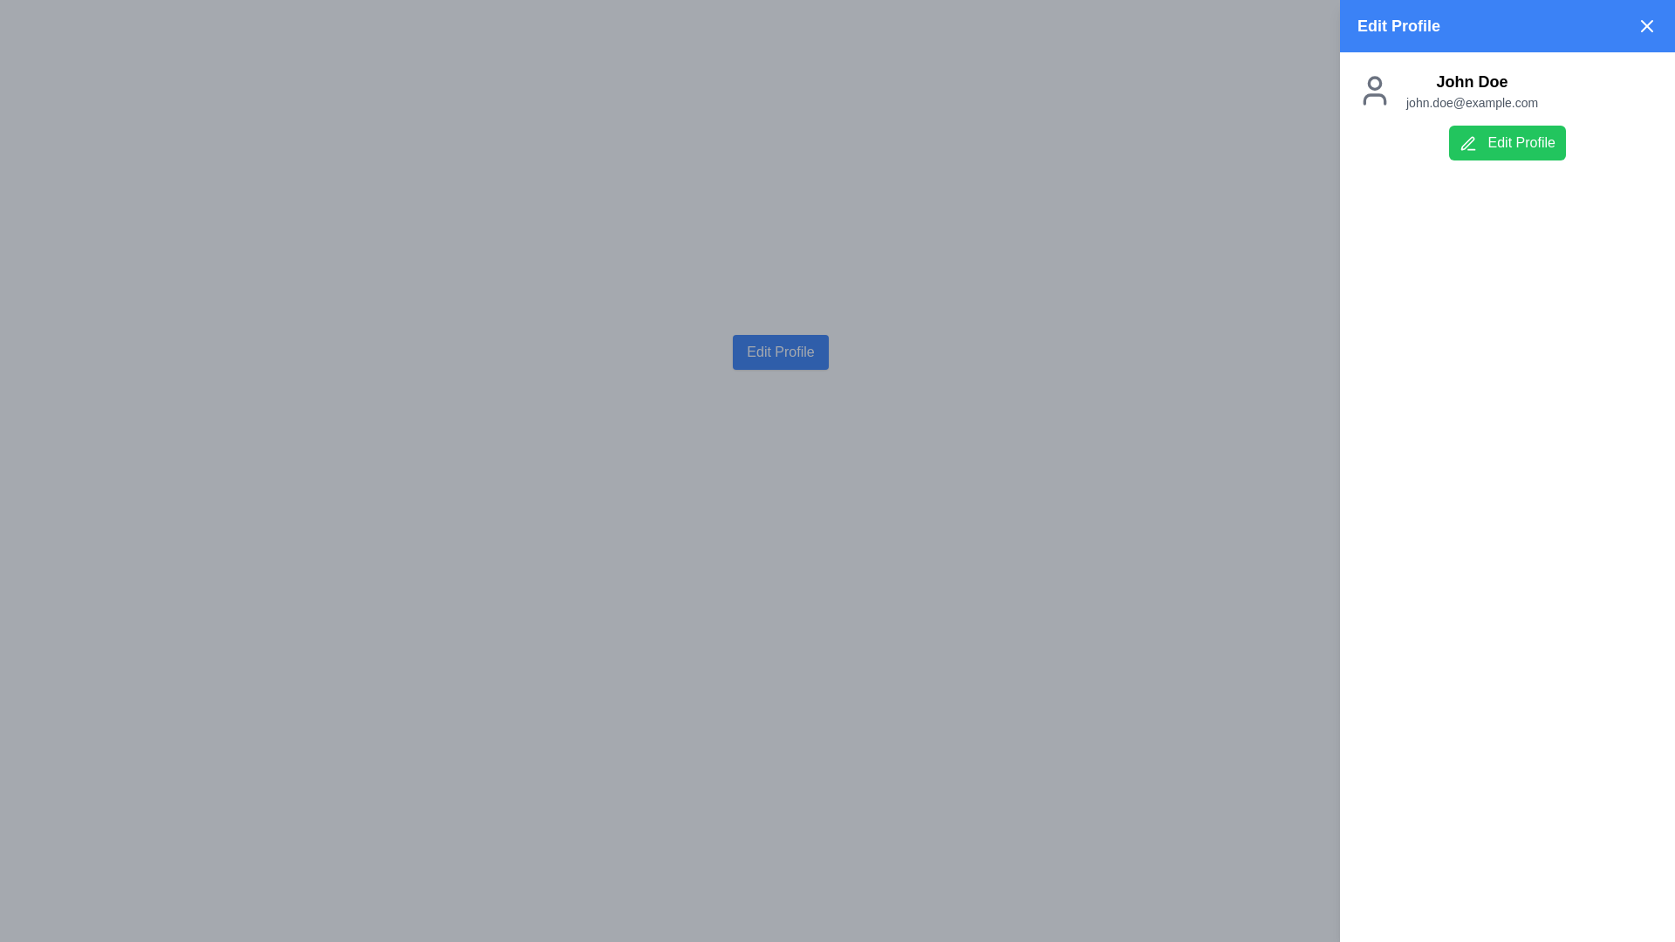  I want to click on the 'Edit Profile' button to observe the background color change, so click(779, 352).